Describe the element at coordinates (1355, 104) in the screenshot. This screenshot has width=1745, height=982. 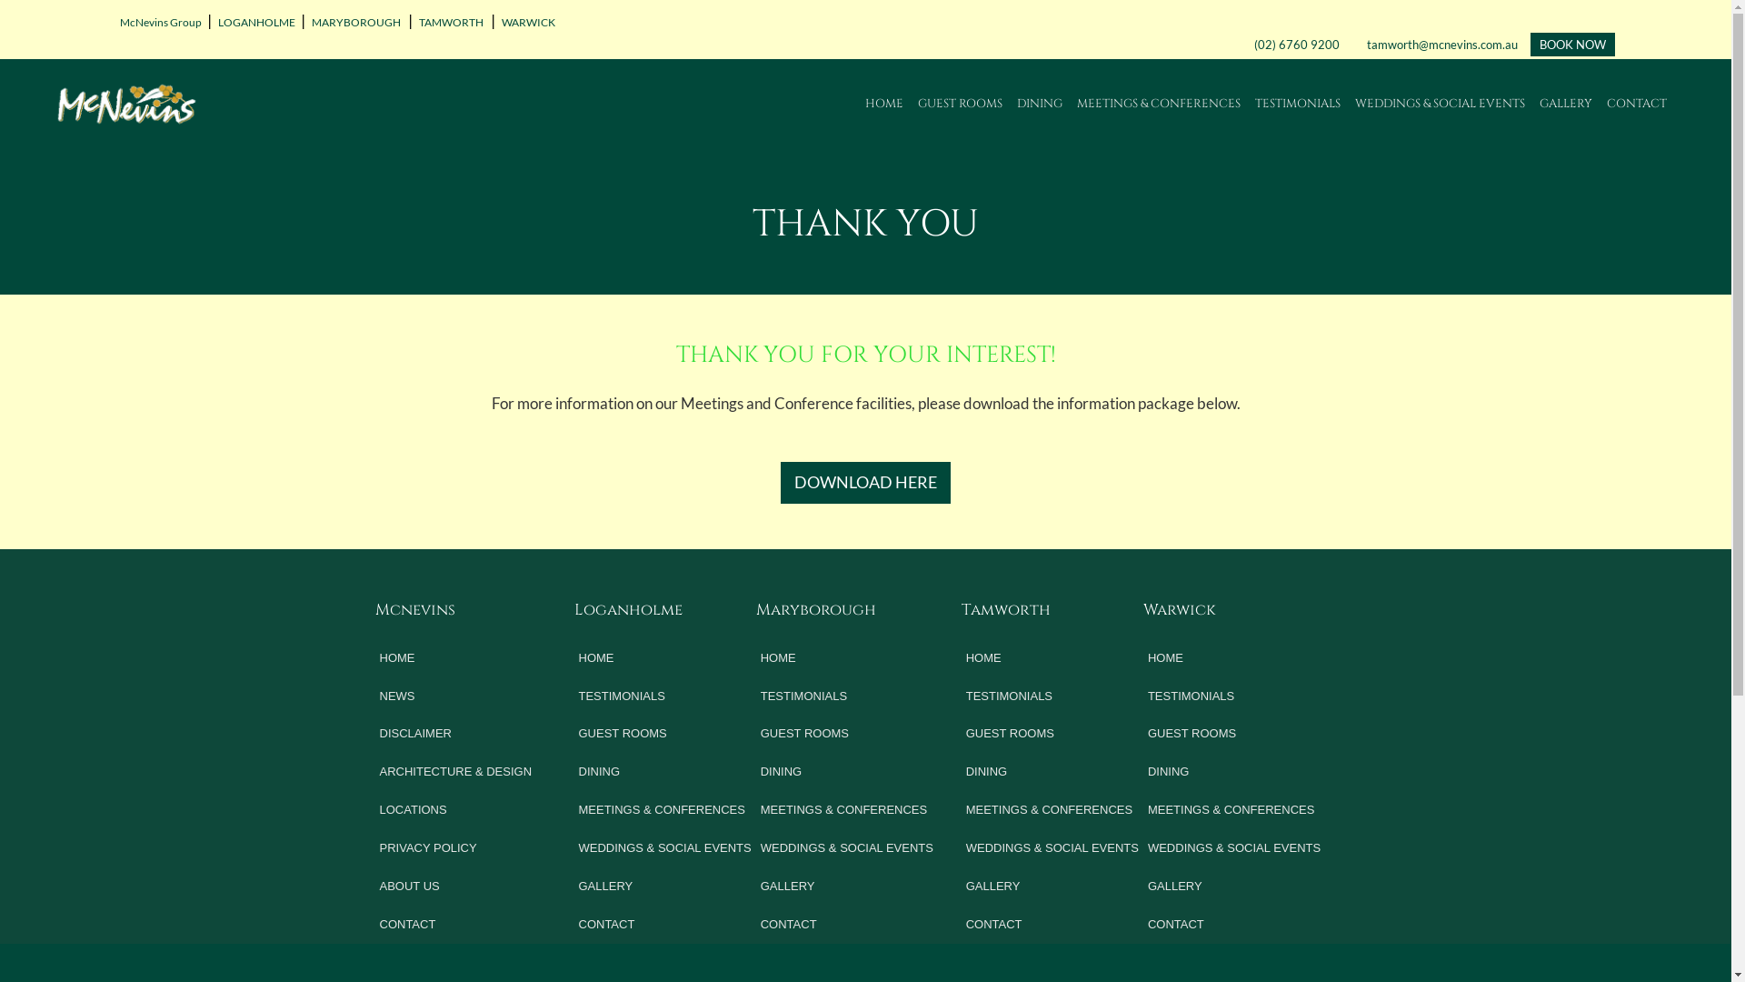
I see `'WEDDINGS & SOCIAL EVENTS'` at that location.